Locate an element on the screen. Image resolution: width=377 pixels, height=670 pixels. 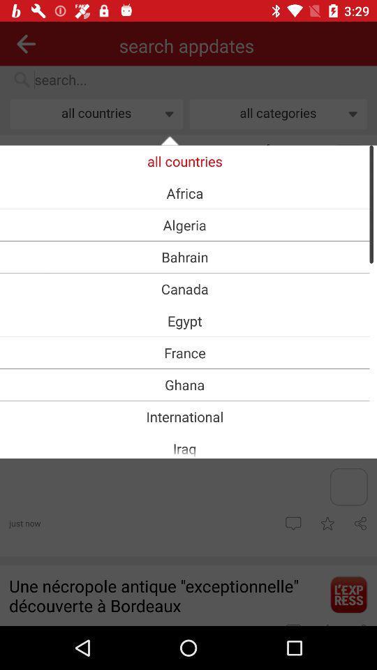
icon above international item is located at coordinates (184, 385).